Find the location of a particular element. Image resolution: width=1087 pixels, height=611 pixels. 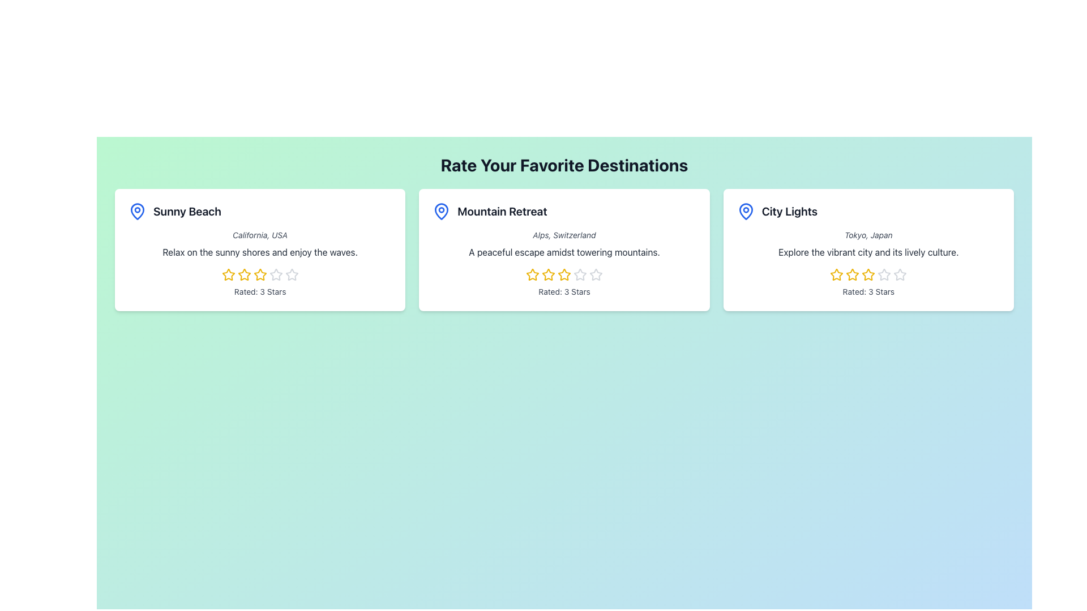

the third star icon in the rating system of the 'Mountain Retreat' card is located at coordinates (564, 274).